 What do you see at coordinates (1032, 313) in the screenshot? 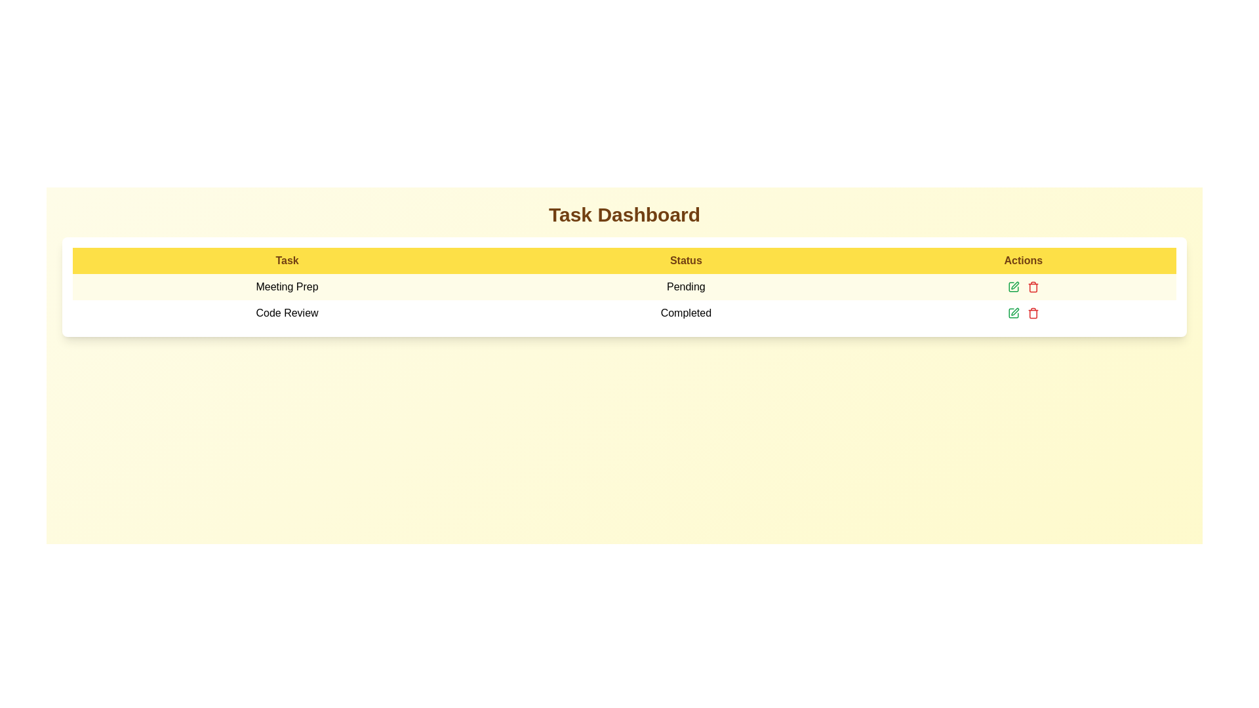
I see `the small square-shaped red trash icon representing the delete option located in the second row under the 'Actions' column of the table` at bounding box center [1032, 313].